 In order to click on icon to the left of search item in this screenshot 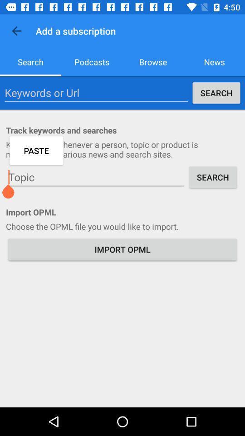, I will do `click(96, 93)`.